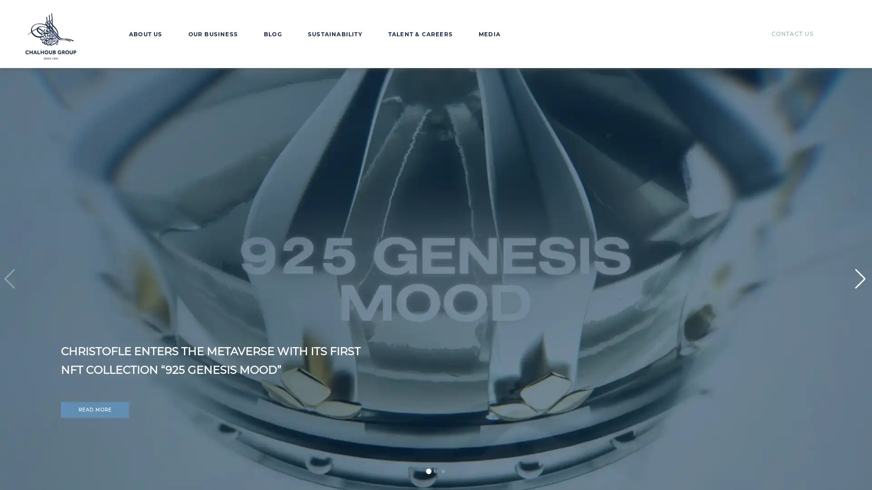 This screenshot has height=490, width=872. What do you see at coordinates (792, 33) in the screenshot?
I see `CONTACT US` at bounding box center [792, 33].